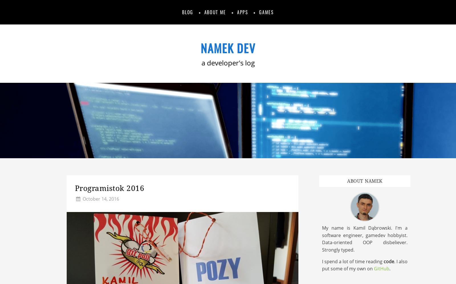  I want to click on 'a developer's log', so click(228, 63).